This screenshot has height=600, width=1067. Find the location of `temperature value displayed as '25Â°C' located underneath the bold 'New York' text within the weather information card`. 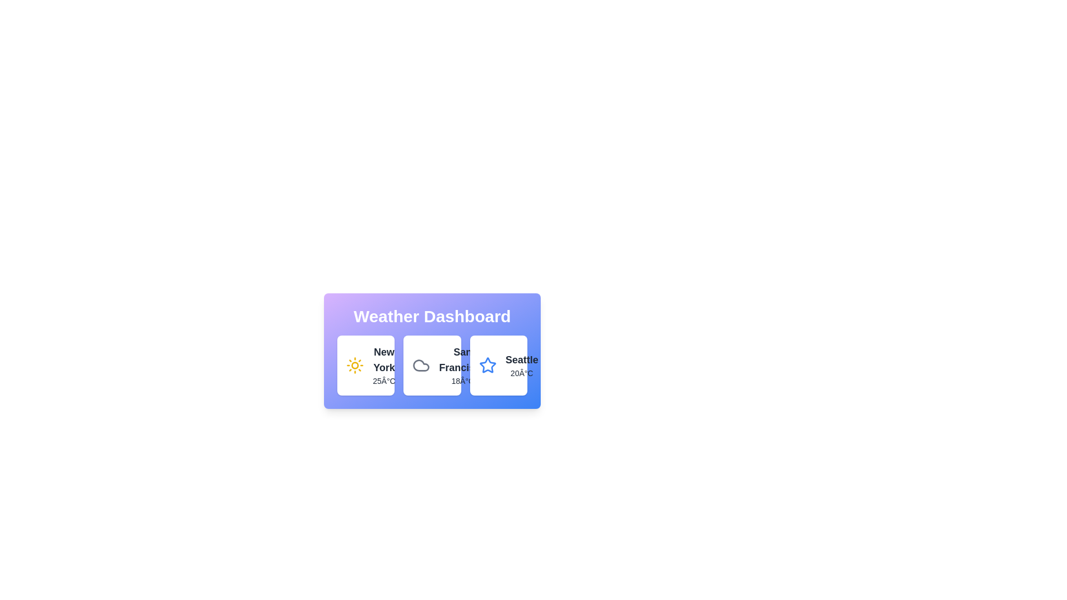

temperature value displayed as '25Â°C' located underneath the bold 'New York' text within the weather information card is located at coordinates (384, 381).